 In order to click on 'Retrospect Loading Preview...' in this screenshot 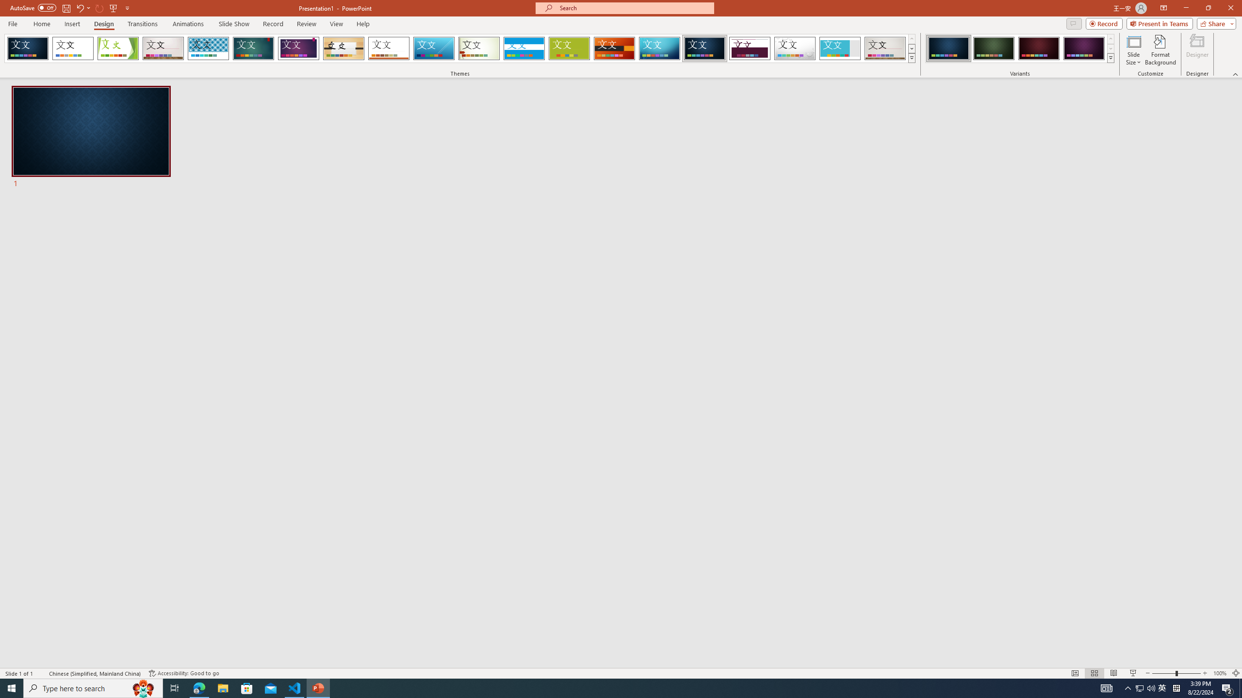, I will do `click(388, 48)`.